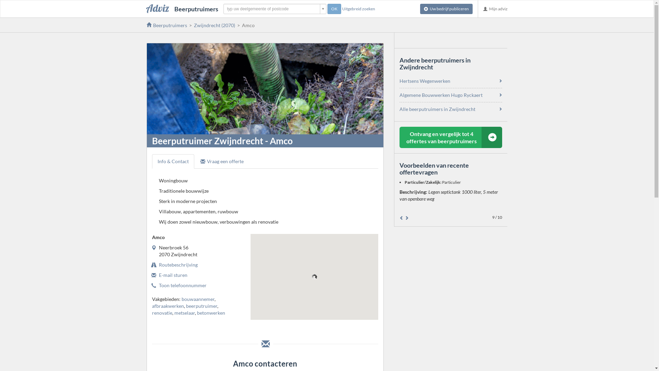 The height and width of the screenshot is (371, 659). Describe the element at coordinates (194, 161) in the screenshot. I see `'Vraag een offerte'` at that location.